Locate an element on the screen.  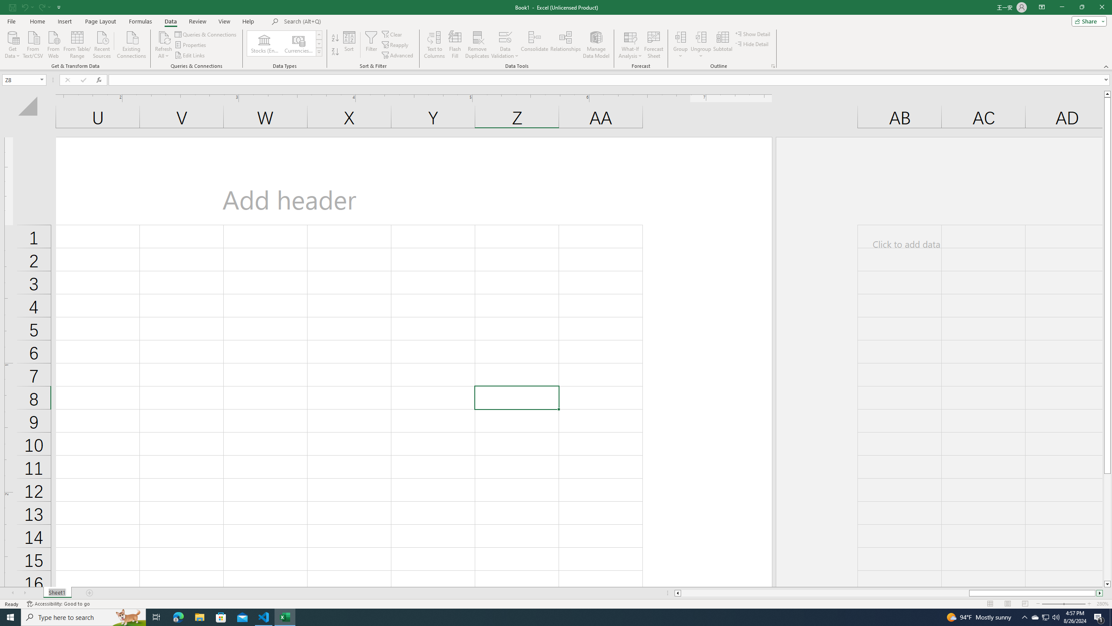
'System' is located at coordinates (5, 4).